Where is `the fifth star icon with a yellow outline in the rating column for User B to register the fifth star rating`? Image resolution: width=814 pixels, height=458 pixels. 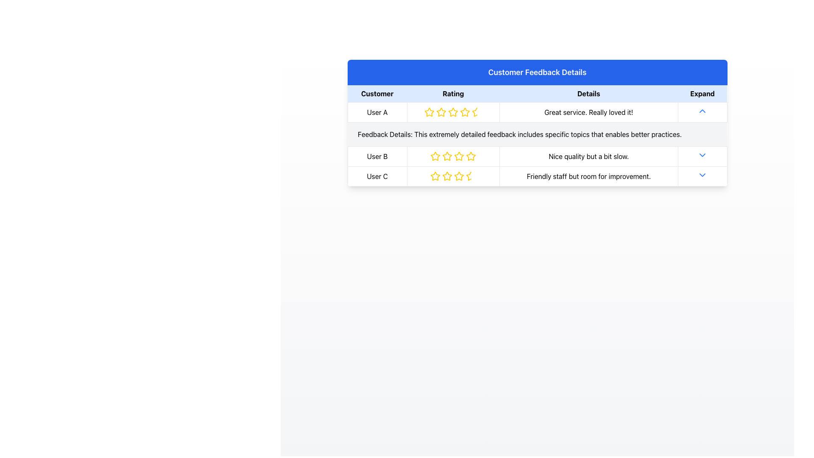 the fifth star icon with a yellow outline in the rating column for User B to register the fifth star rating is located at coordinates (471, 156).